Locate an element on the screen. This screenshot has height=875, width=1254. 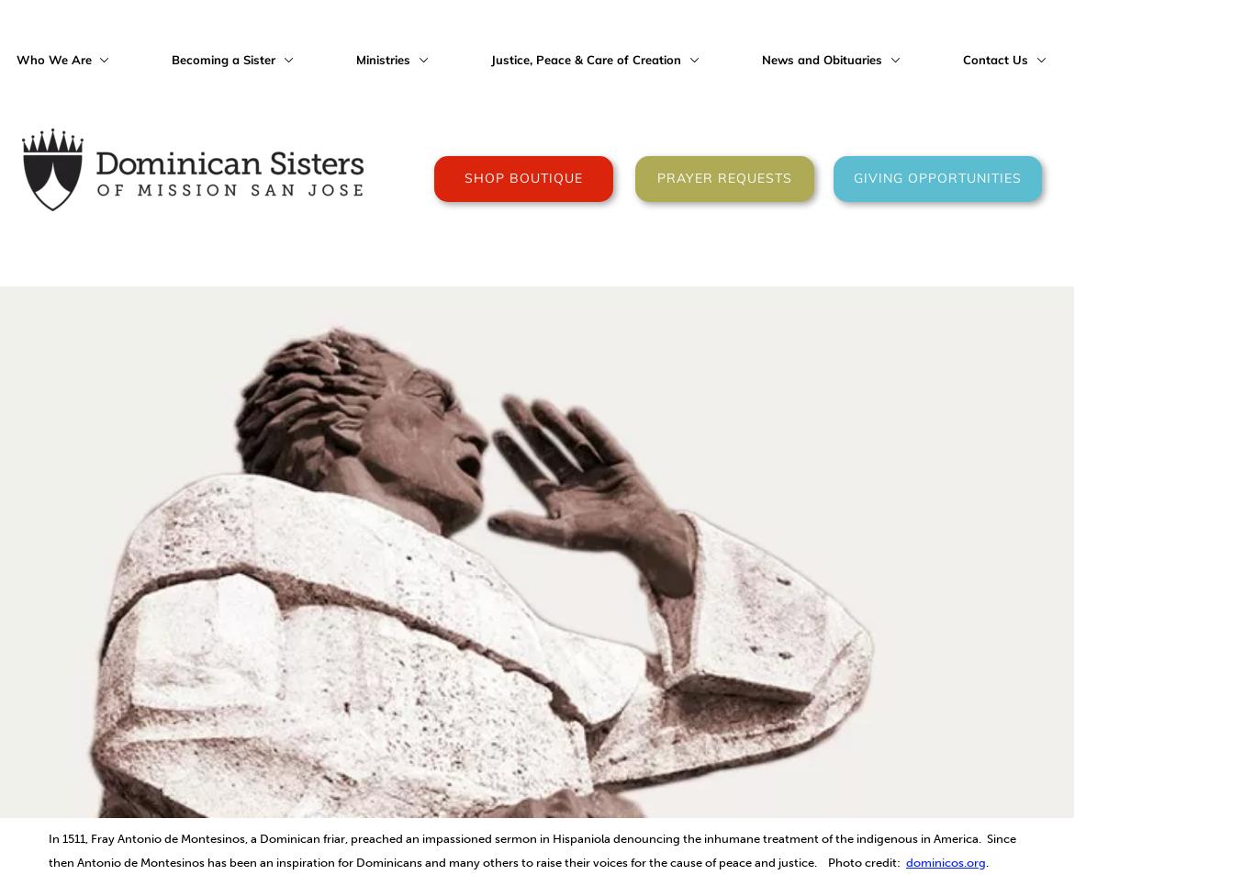
'News and Obituaries' is located at coordinates (822, 58).